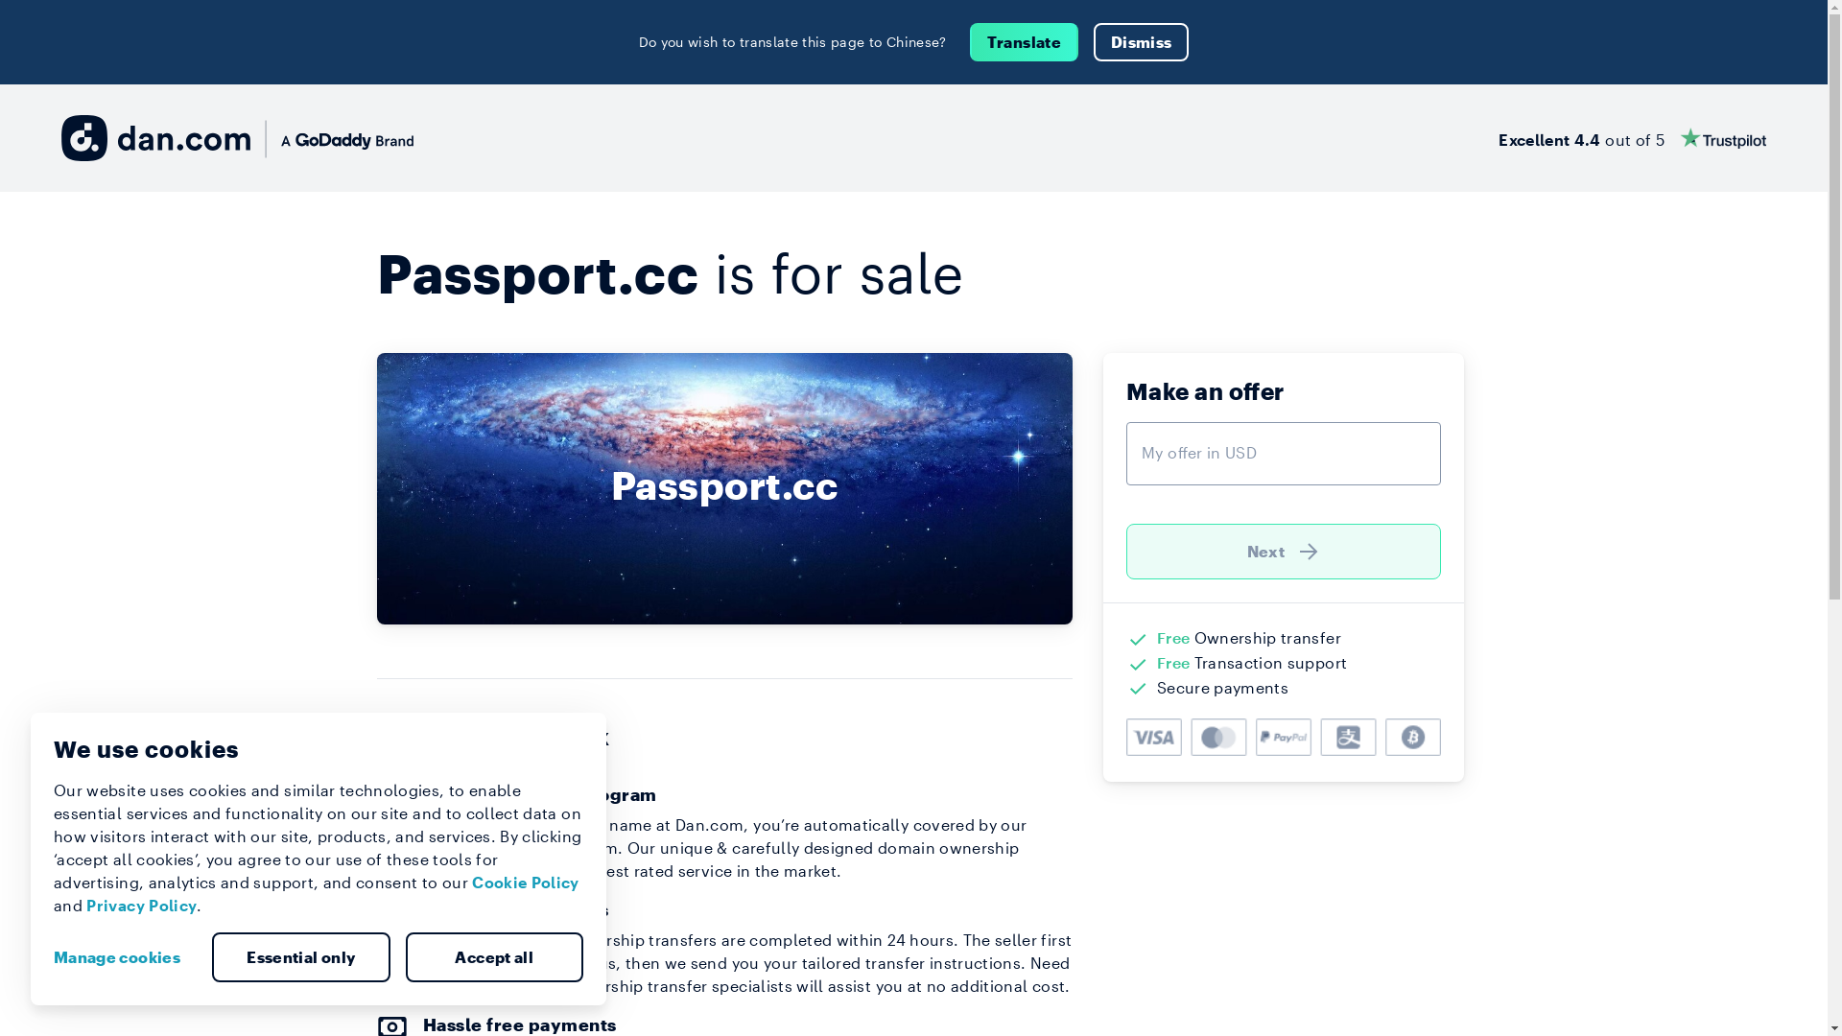 The width and height of the screenshot is (1842, 1036). What do you see at coordinates (1497, 136) in the screenshot?
I see `'Excellent 4.4 out of 5'` at bounding box center [1497, 136].